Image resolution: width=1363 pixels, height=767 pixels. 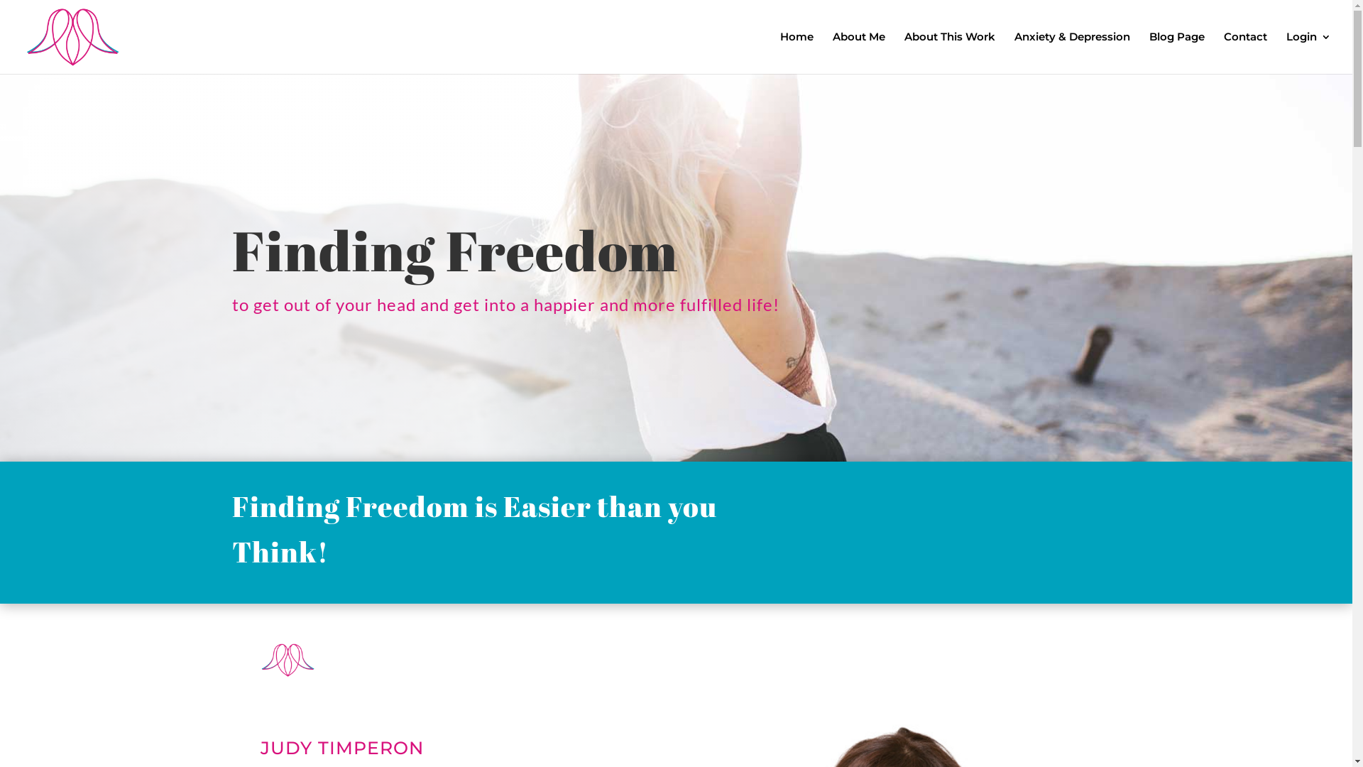 I want to click on 'Blog Page', so click(x=1149, y=52).